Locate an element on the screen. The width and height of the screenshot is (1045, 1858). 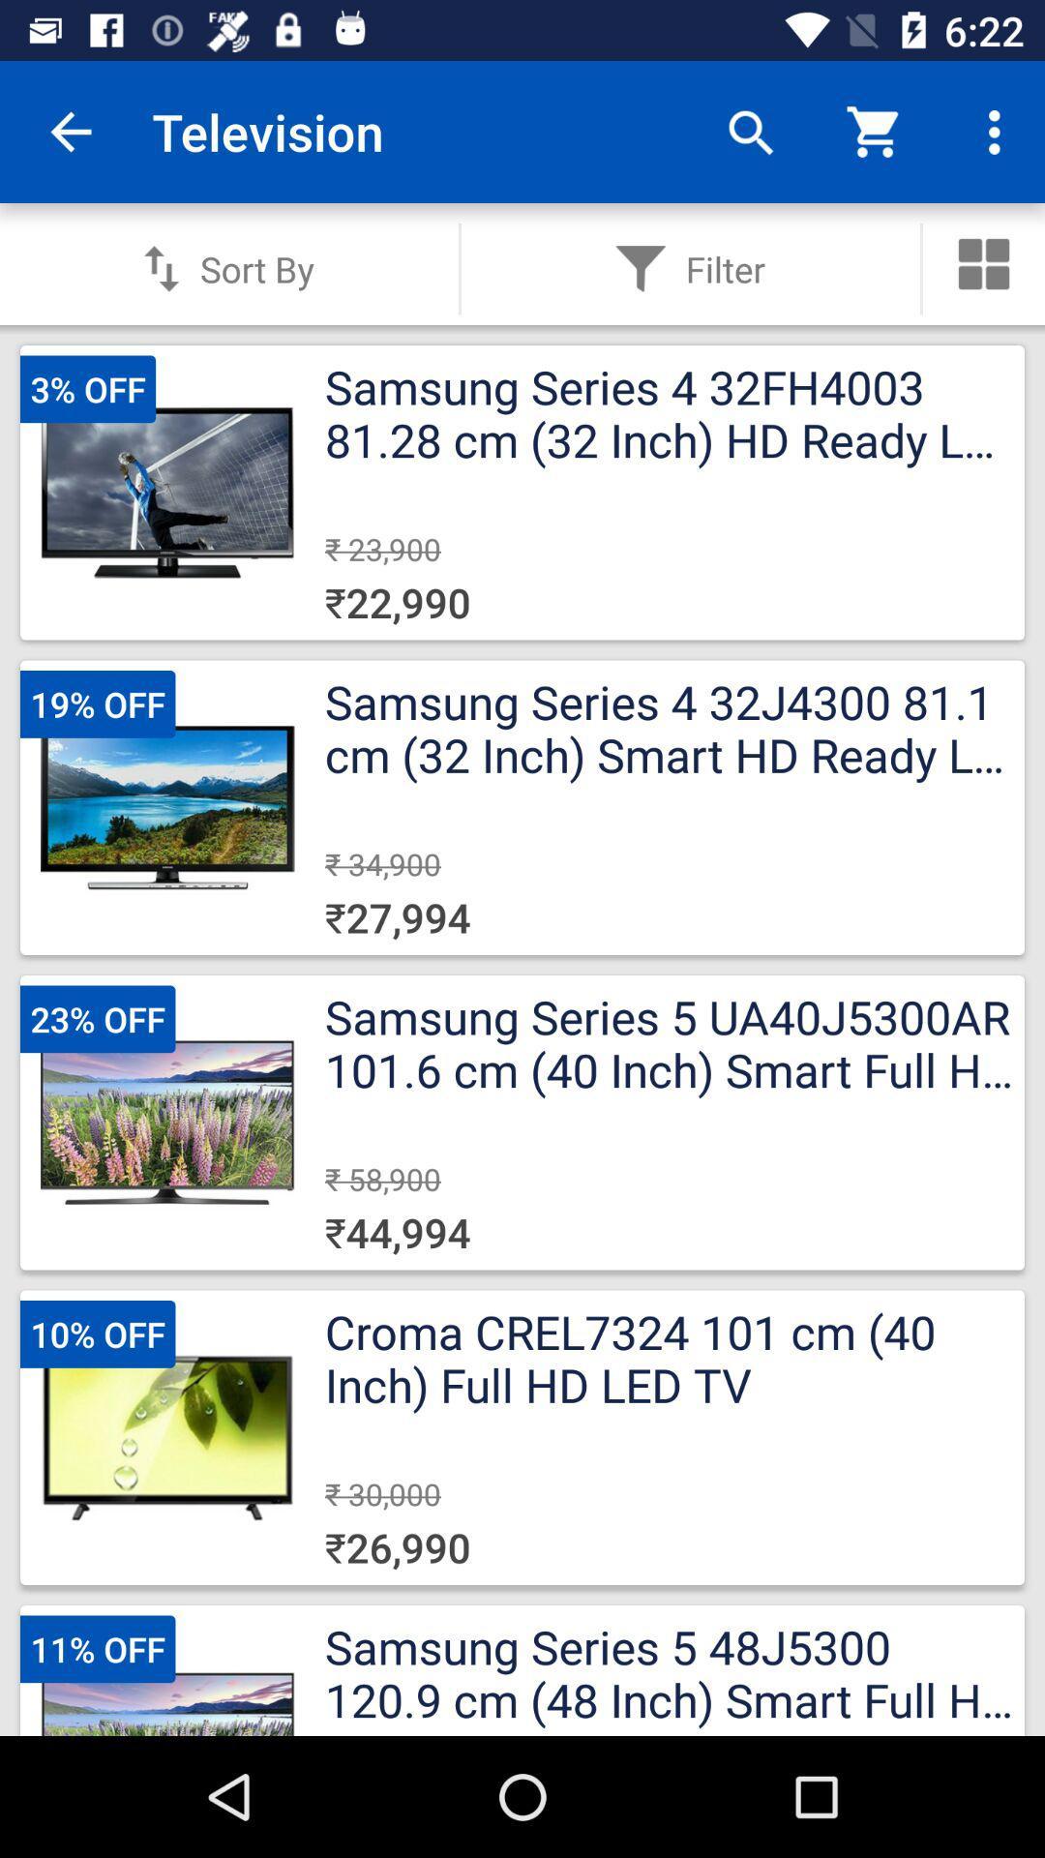
the dashboard icon is located at coordinates (984, 263).